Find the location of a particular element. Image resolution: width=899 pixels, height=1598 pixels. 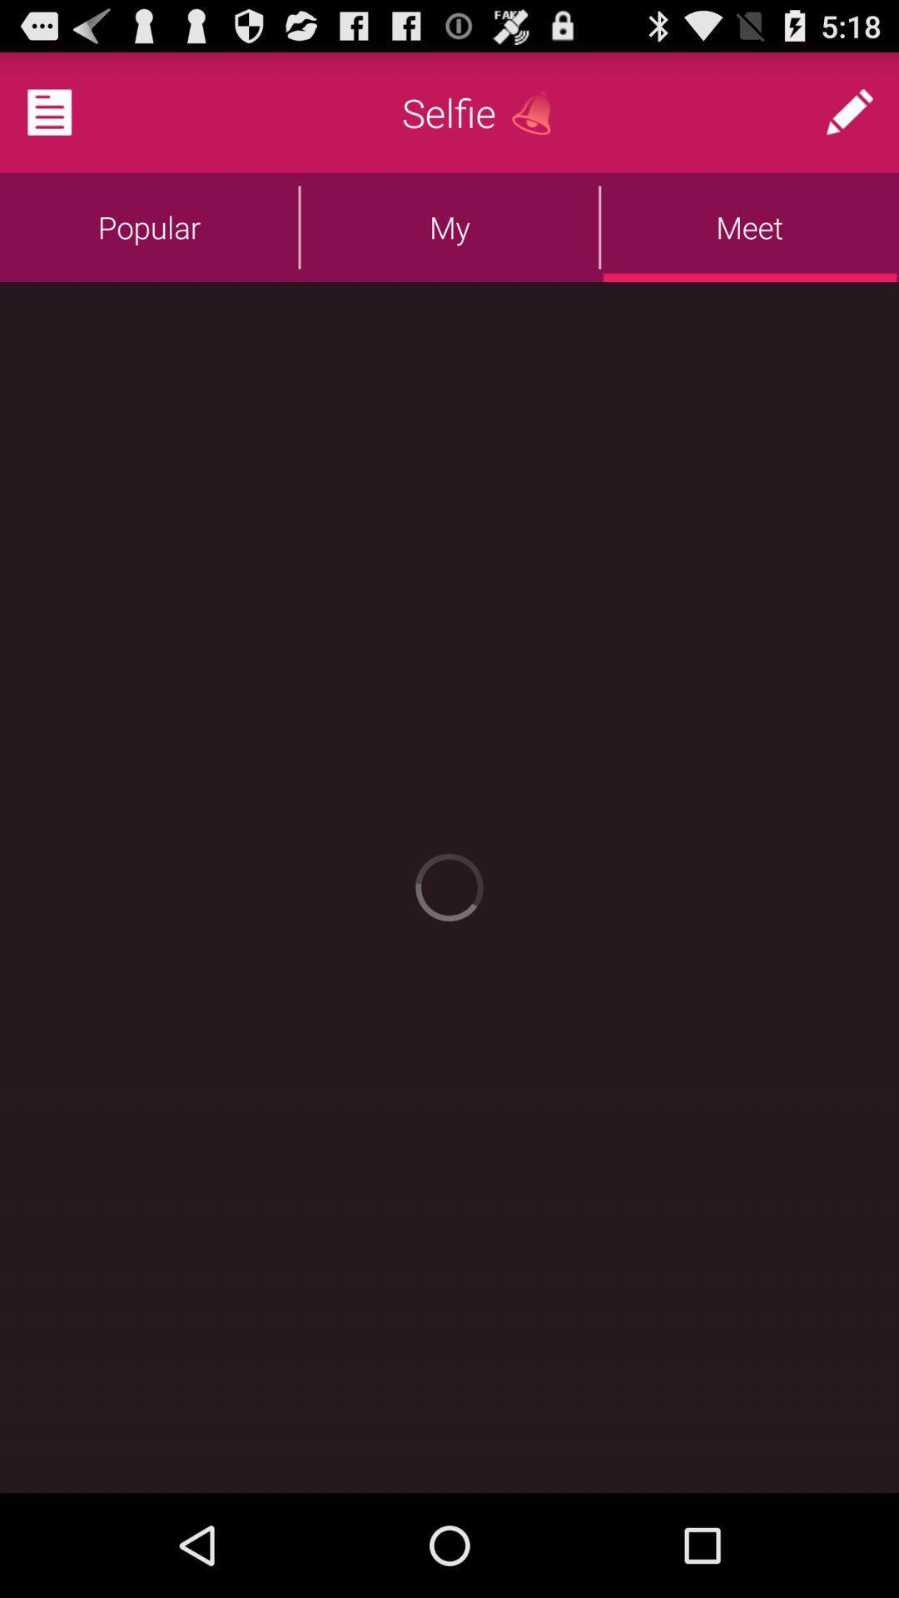

edit is located at coordinates (849, 112).